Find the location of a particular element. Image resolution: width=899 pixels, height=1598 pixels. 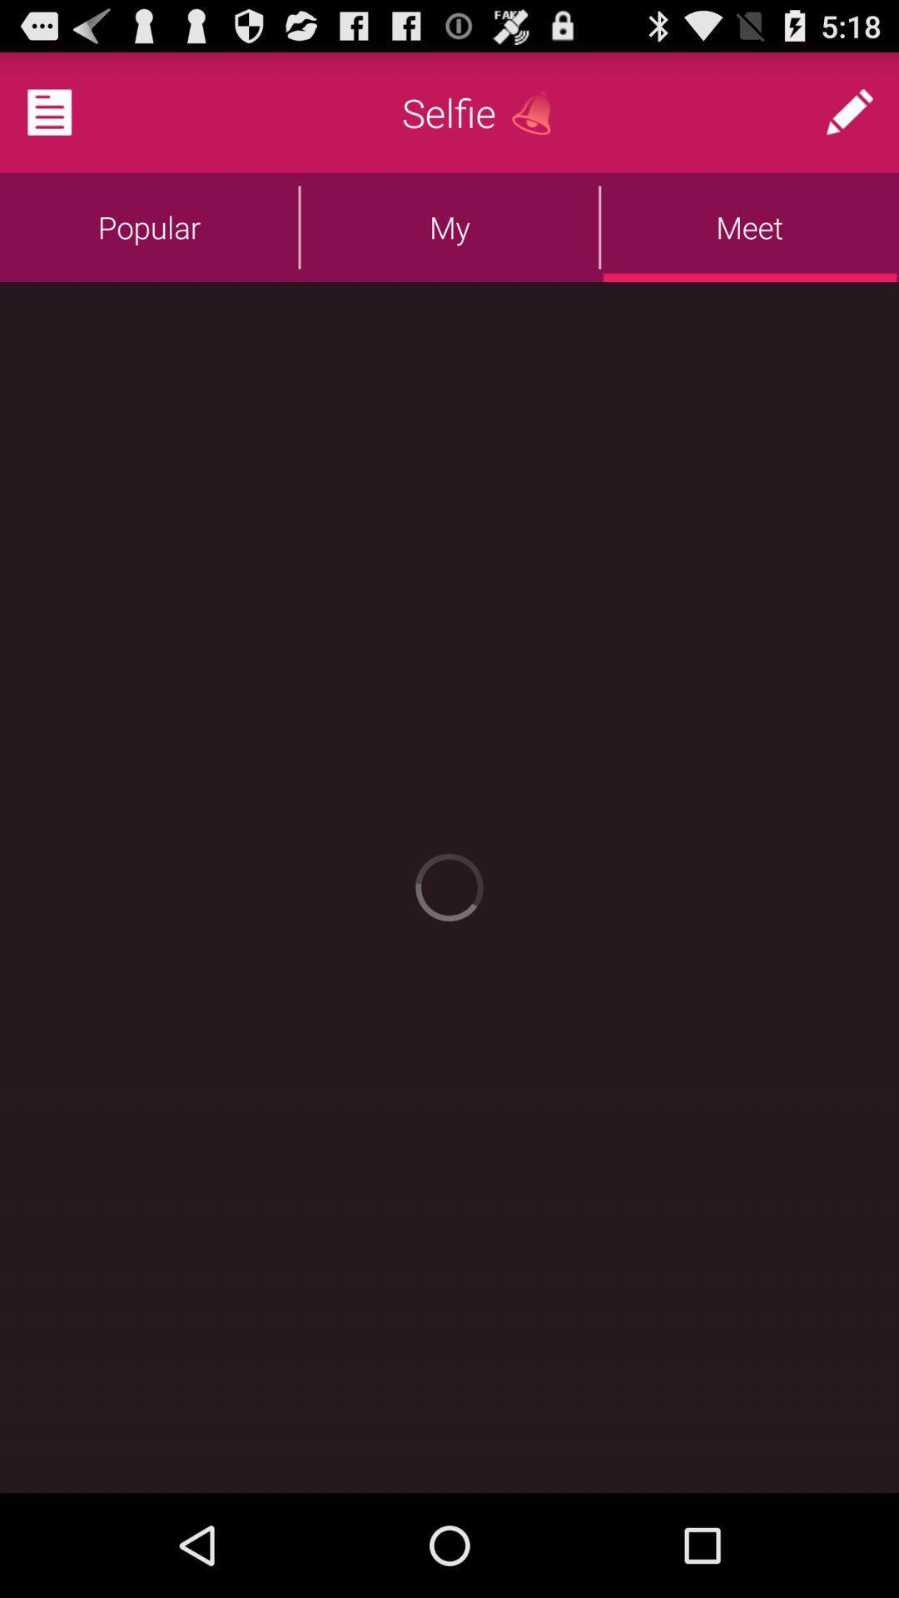

edit is located at coordinates (849, 112).